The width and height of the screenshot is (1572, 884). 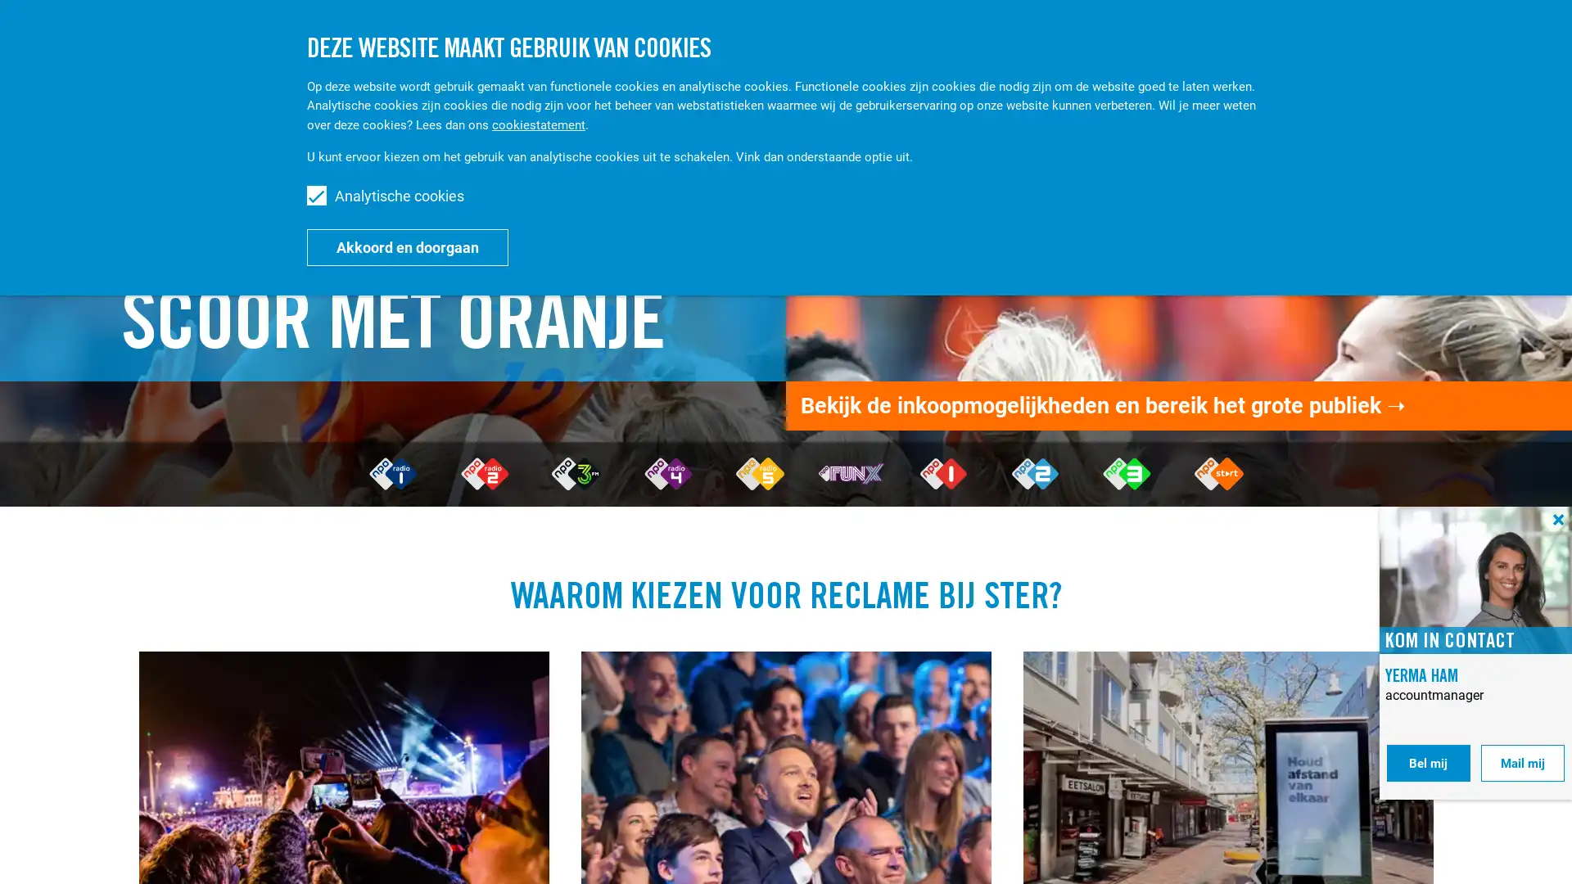 I want to click on Bel mij, so click(x=1427, y=763).